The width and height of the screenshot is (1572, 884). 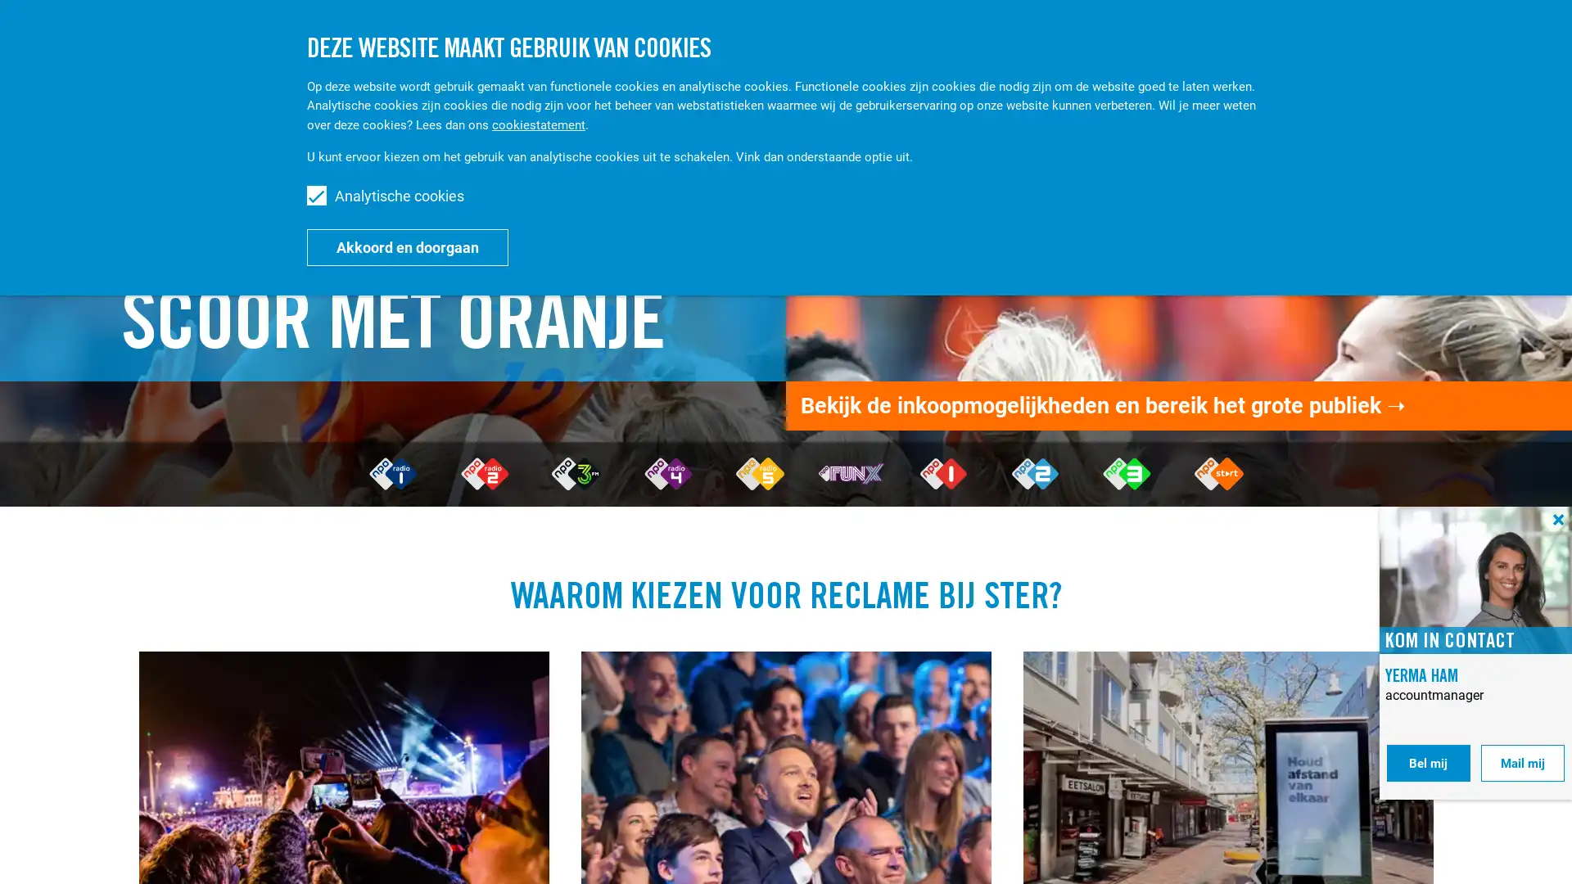 I want to click on Bel mij, so click(x=1427, y=763).